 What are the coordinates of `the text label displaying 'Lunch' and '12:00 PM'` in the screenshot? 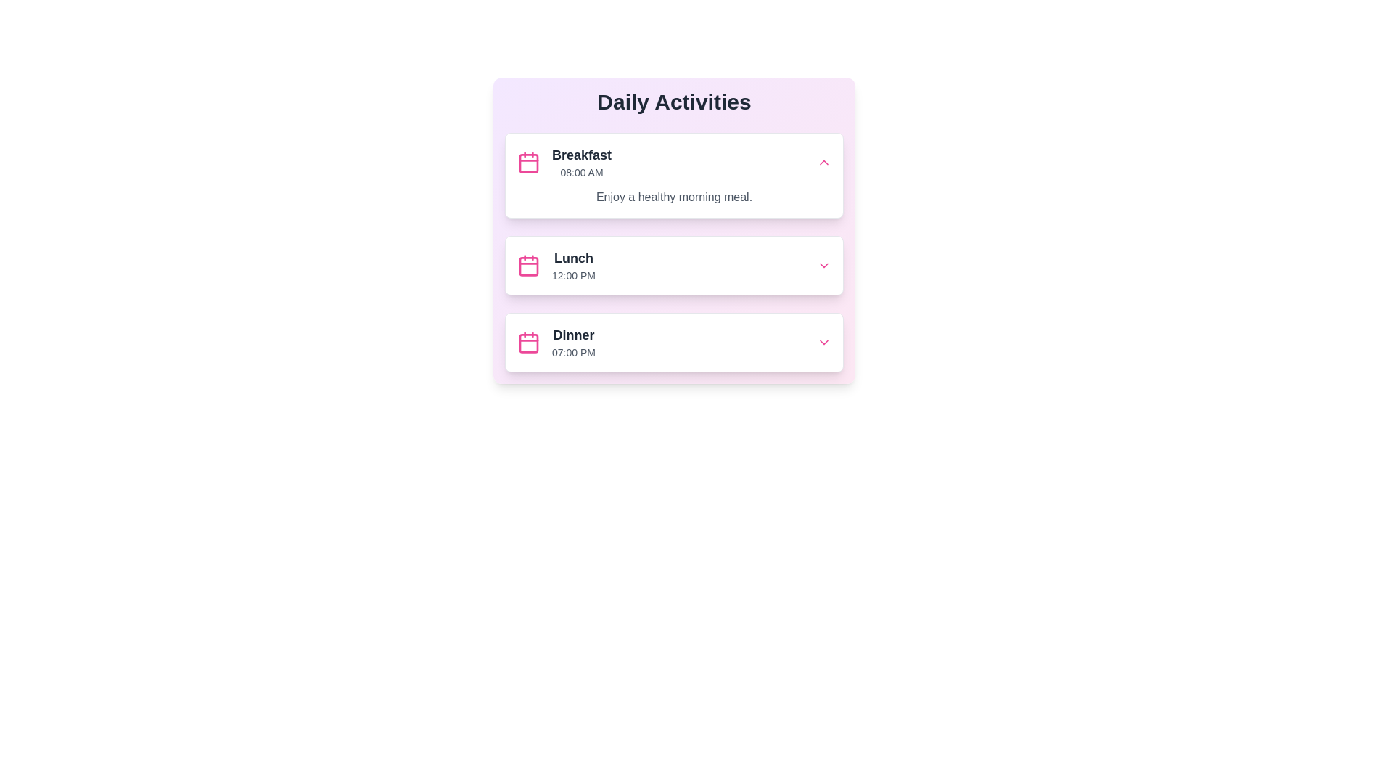 It's located at (573, 266).